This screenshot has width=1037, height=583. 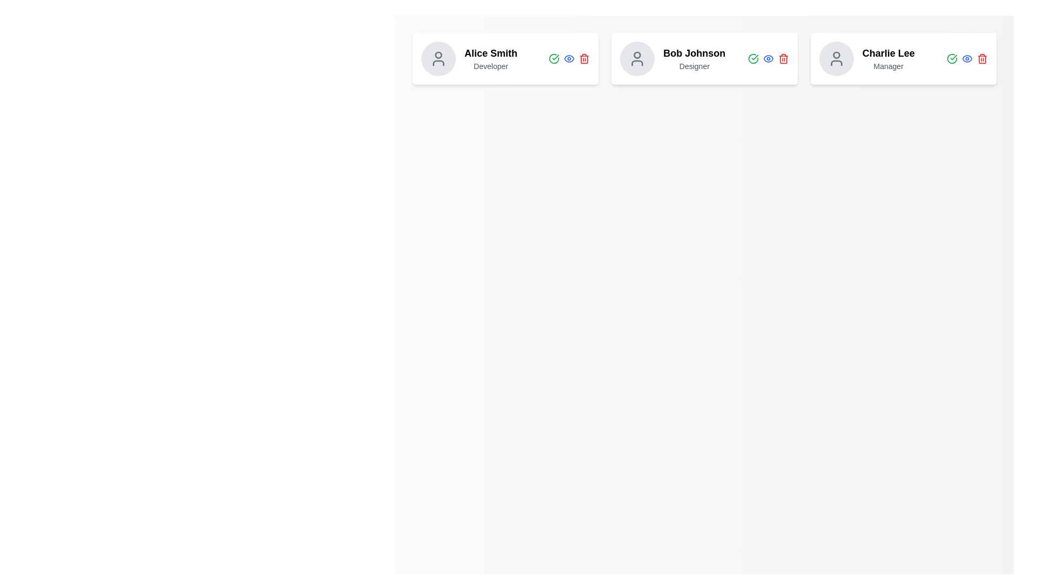 I want to click on the icon group representing actions associated with 'Charlie Lee, Manager' located in the upper-right corner of the card, so click(x=967, y=58).